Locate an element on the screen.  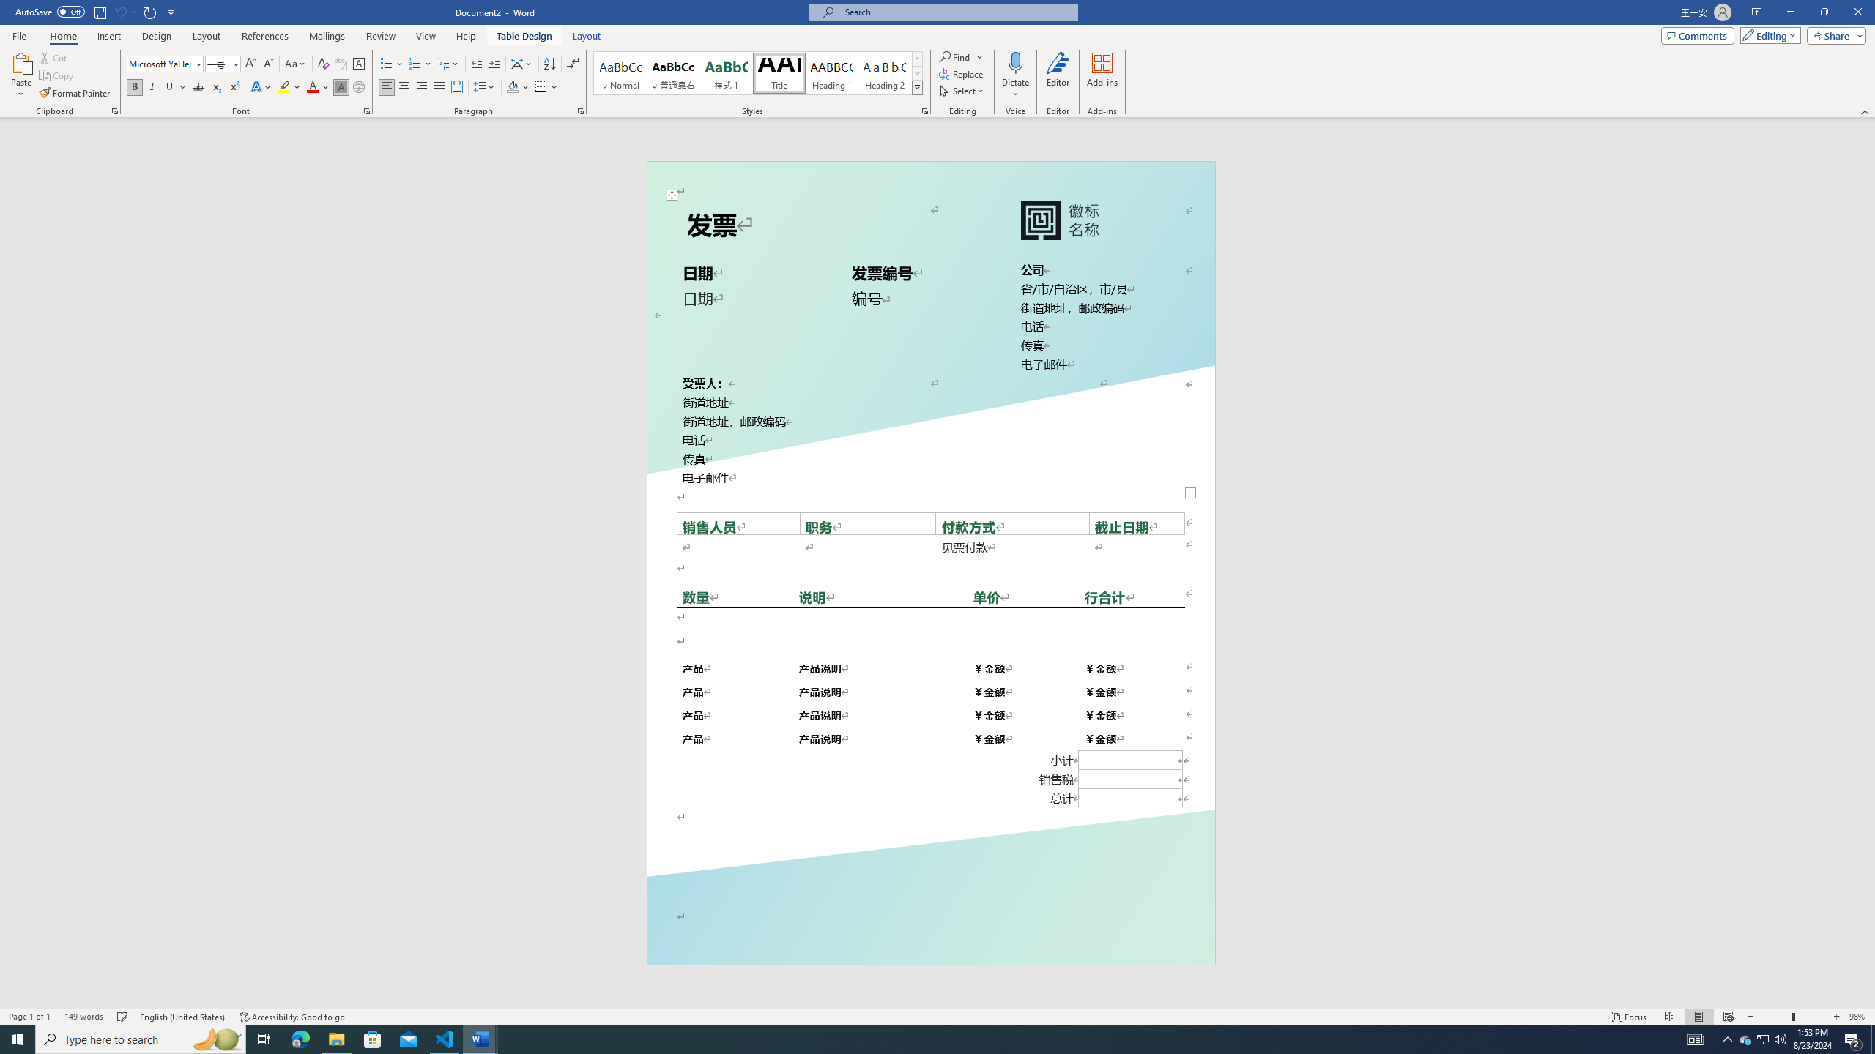
'Can' is located at coordinates (125, 11).